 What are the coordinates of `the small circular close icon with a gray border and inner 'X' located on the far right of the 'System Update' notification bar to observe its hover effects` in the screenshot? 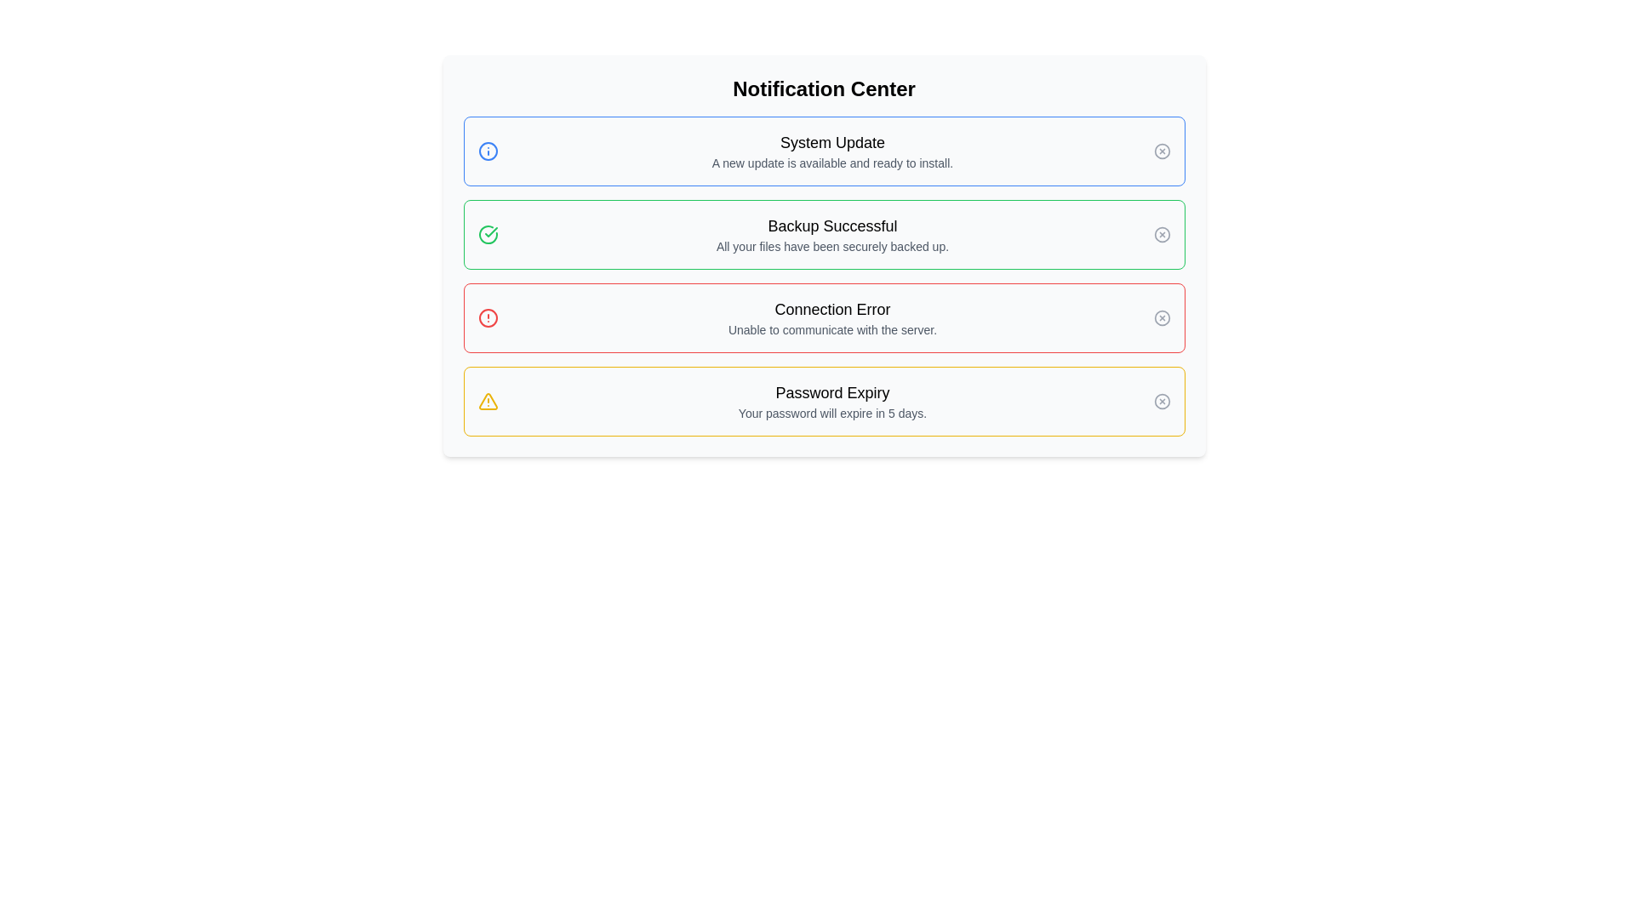 It's located at (1161, 150).